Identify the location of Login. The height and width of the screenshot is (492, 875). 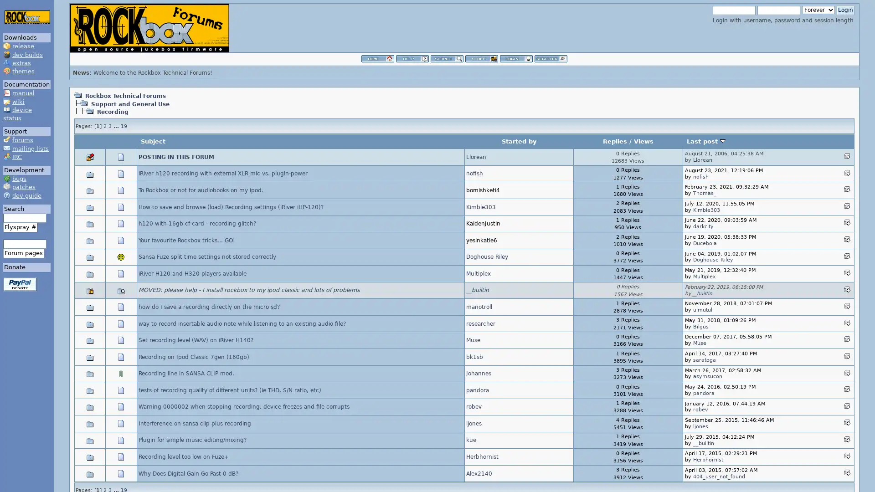
(845, 10).